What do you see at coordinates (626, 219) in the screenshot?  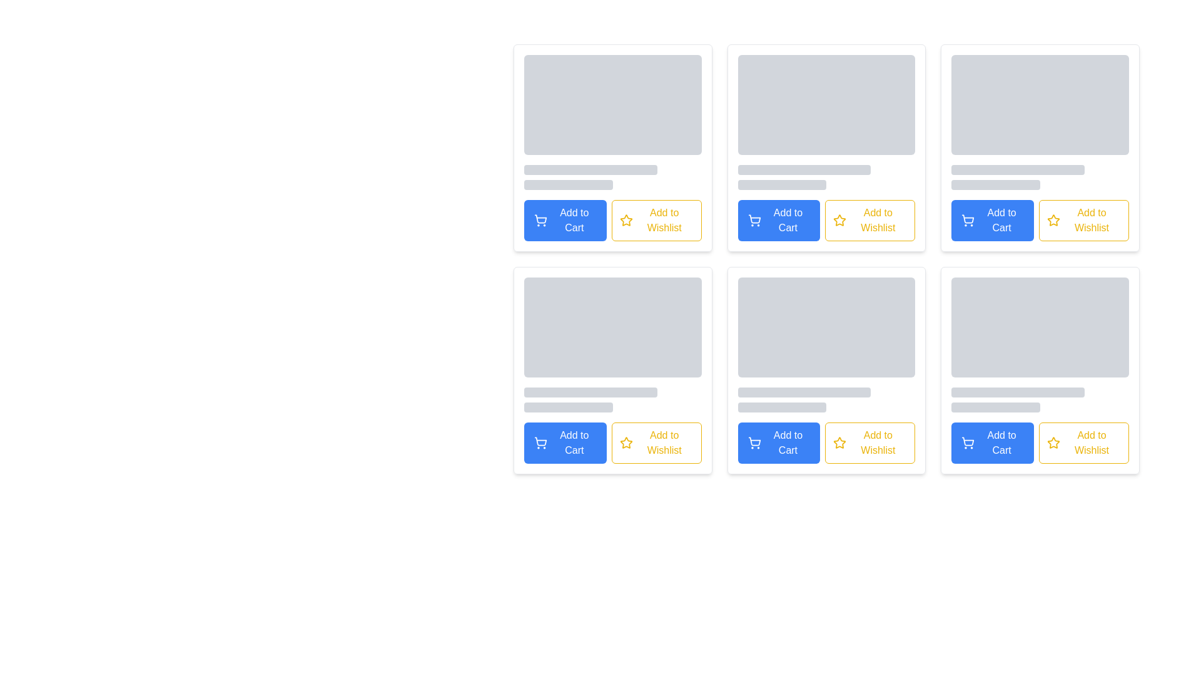 I see `the wishlist icon located at the bottom right of the product card to possibly display a tooltip` at bounding box center [626, 219].